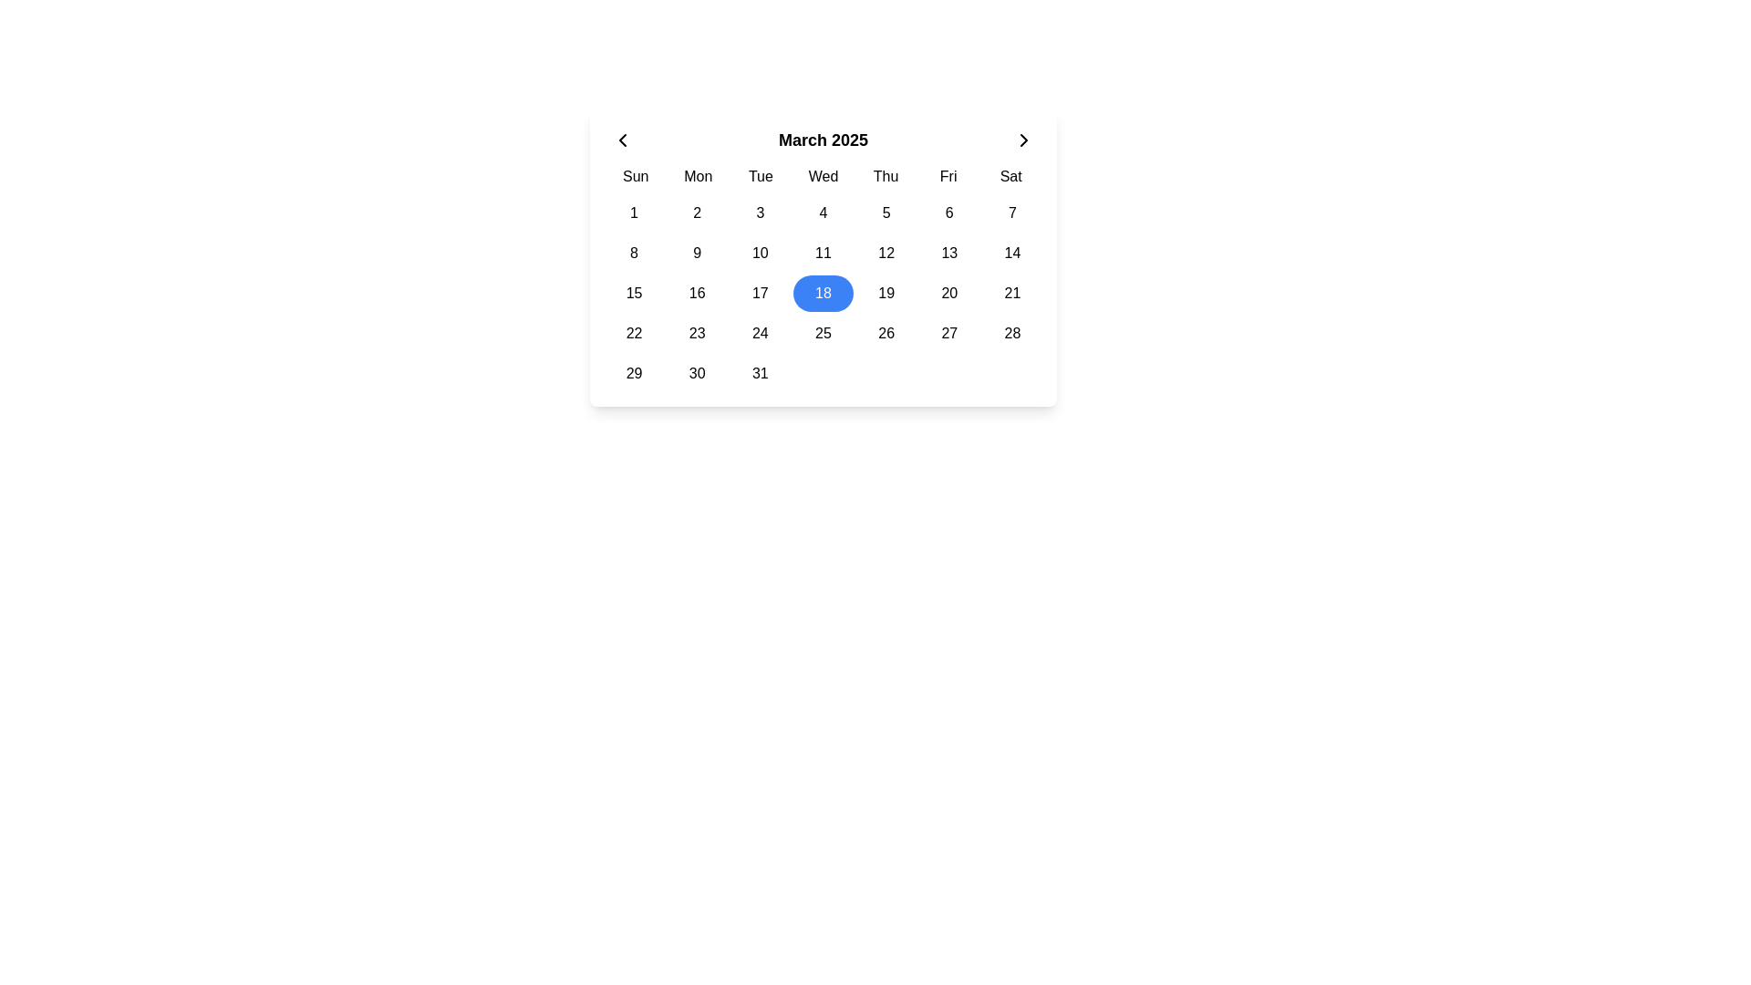  Describe the element at coordinates (822, 176) in the screenshot. I see `the Text label representing 'Wednesday' in the calendar week header, positioned between 'Tue' and 'Thu'` at that location.